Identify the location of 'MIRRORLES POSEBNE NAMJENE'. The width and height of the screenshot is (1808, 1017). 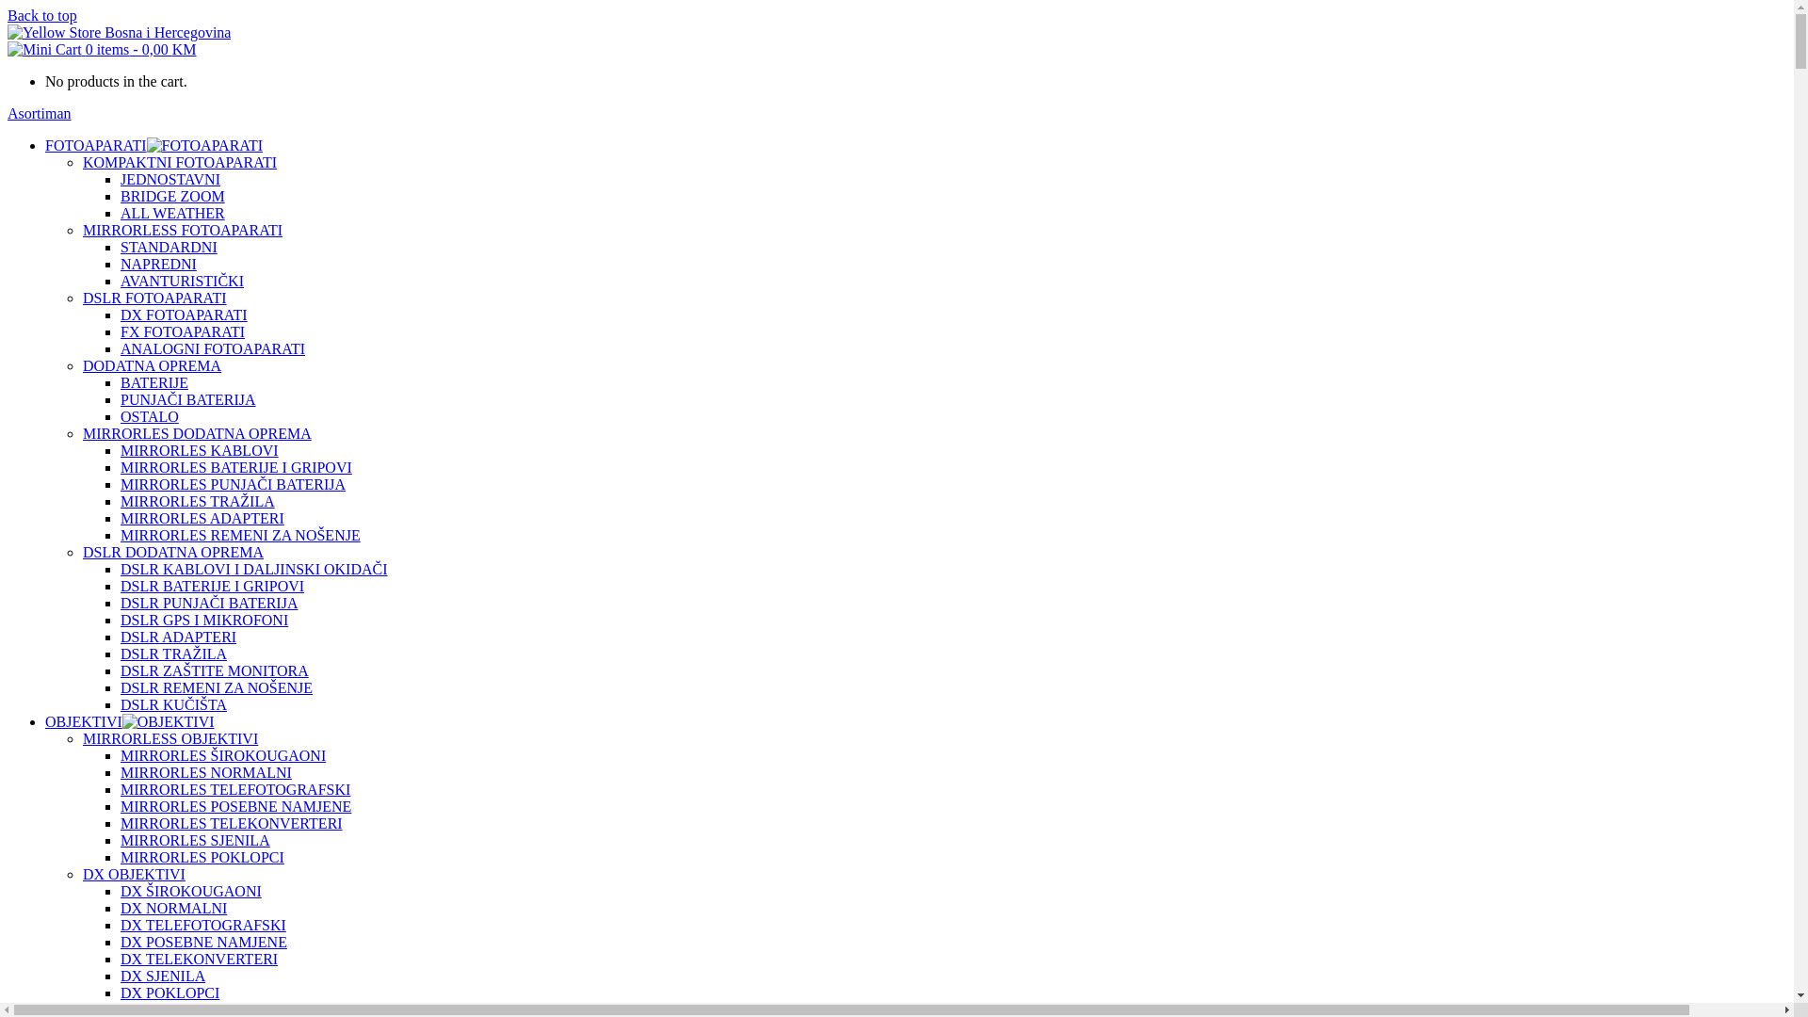
(234, 805).